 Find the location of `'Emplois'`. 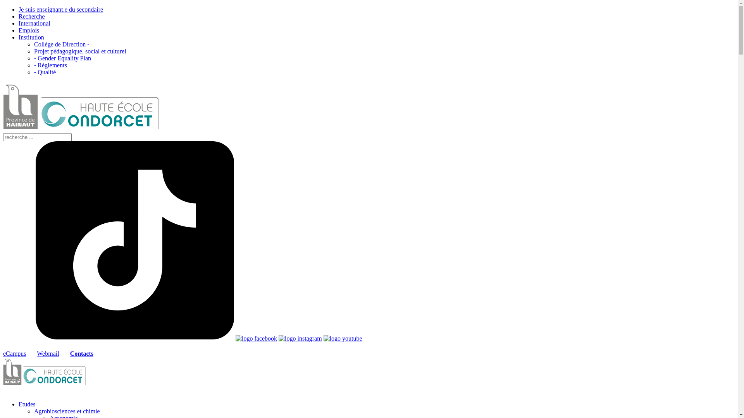

'Emplois' is located at coordinates (29, 30).